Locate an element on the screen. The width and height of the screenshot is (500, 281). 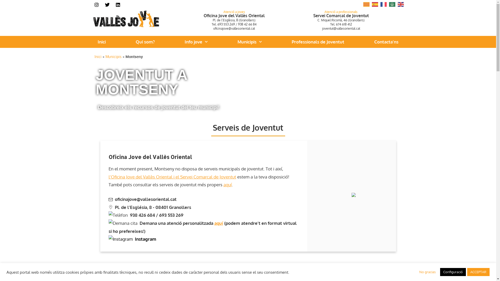
'Inici' is located at coordinates (98, 56).